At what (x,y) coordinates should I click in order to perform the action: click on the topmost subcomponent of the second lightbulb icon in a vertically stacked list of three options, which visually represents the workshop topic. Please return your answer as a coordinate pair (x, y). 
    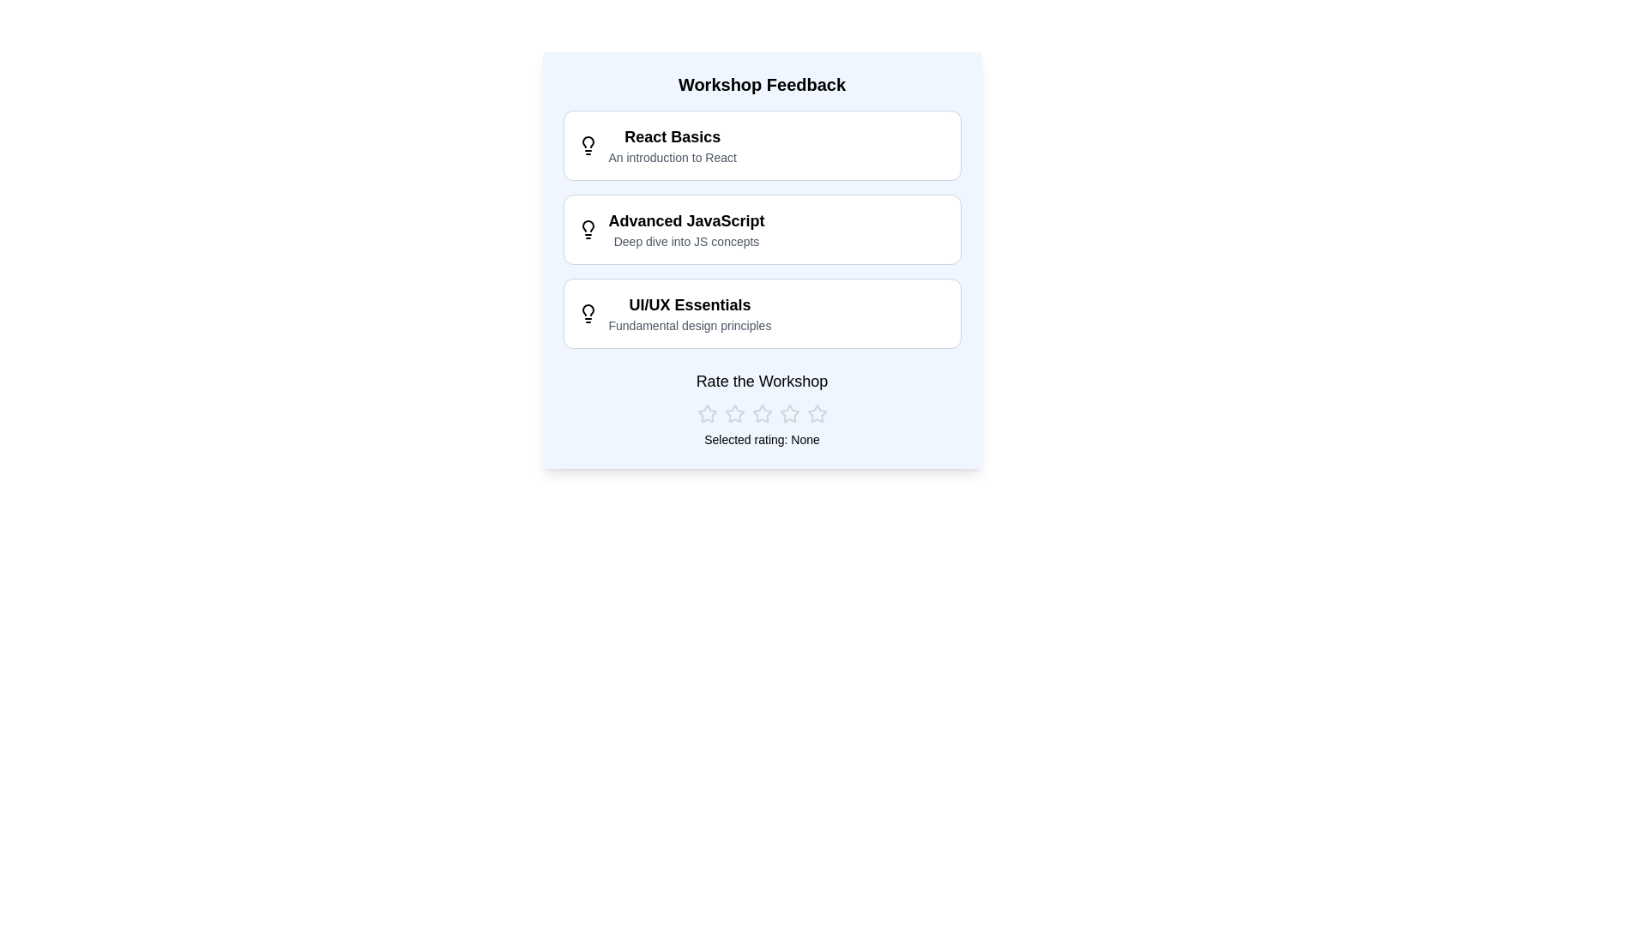
    Looking at the image, I should click on (588, 225).